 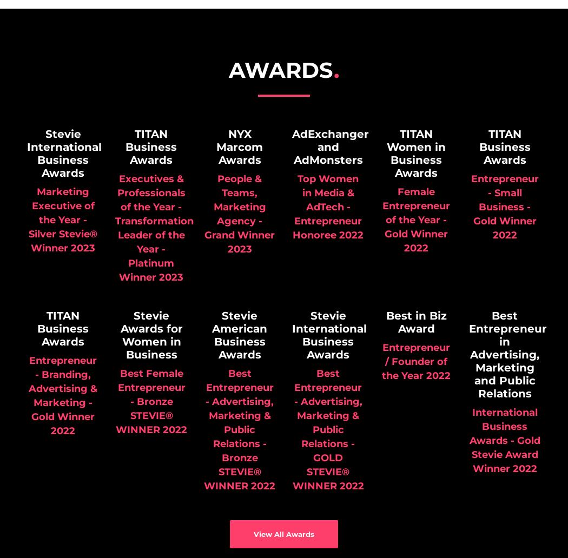 What do you see at coordinates (216, 147) in the screenshot?
I see `'NYX Marcom Awards'` at bounding box center [216, 147].